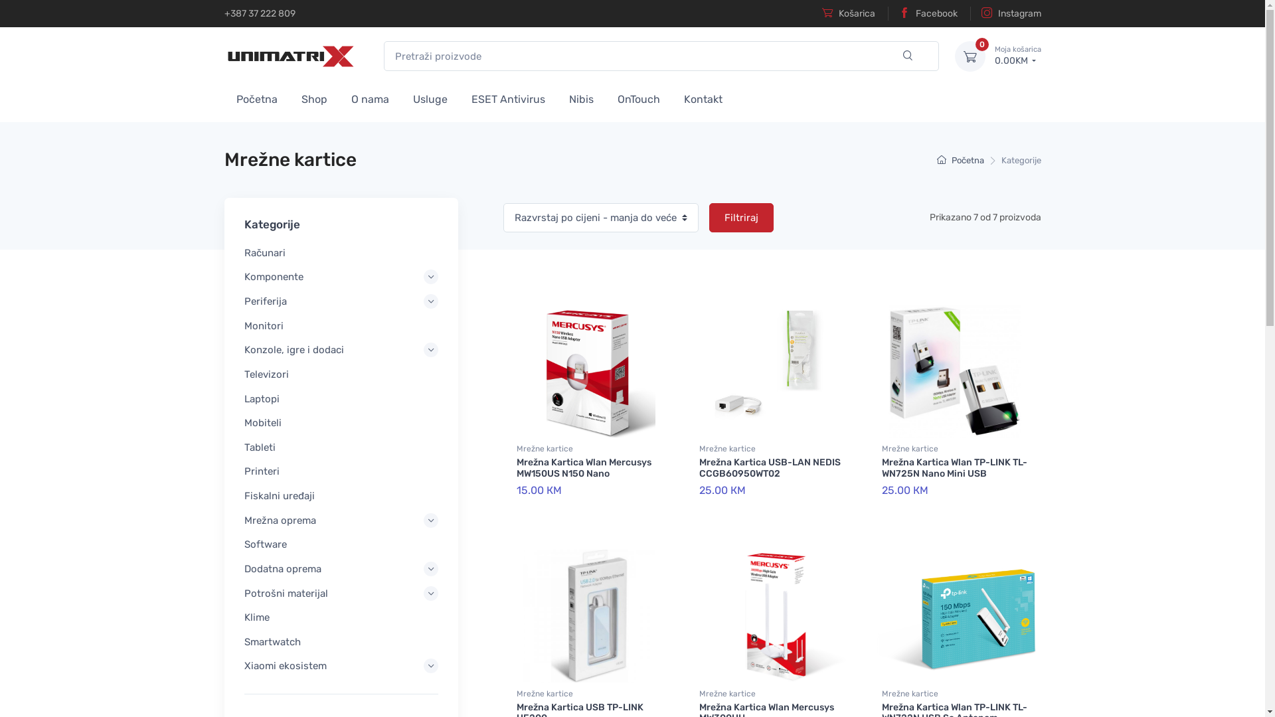 The width and height of the screenshot is (1275, 717). Describe the element at coordinates (341, 325) in the screenshot. I see `'Monitori'` at that location.